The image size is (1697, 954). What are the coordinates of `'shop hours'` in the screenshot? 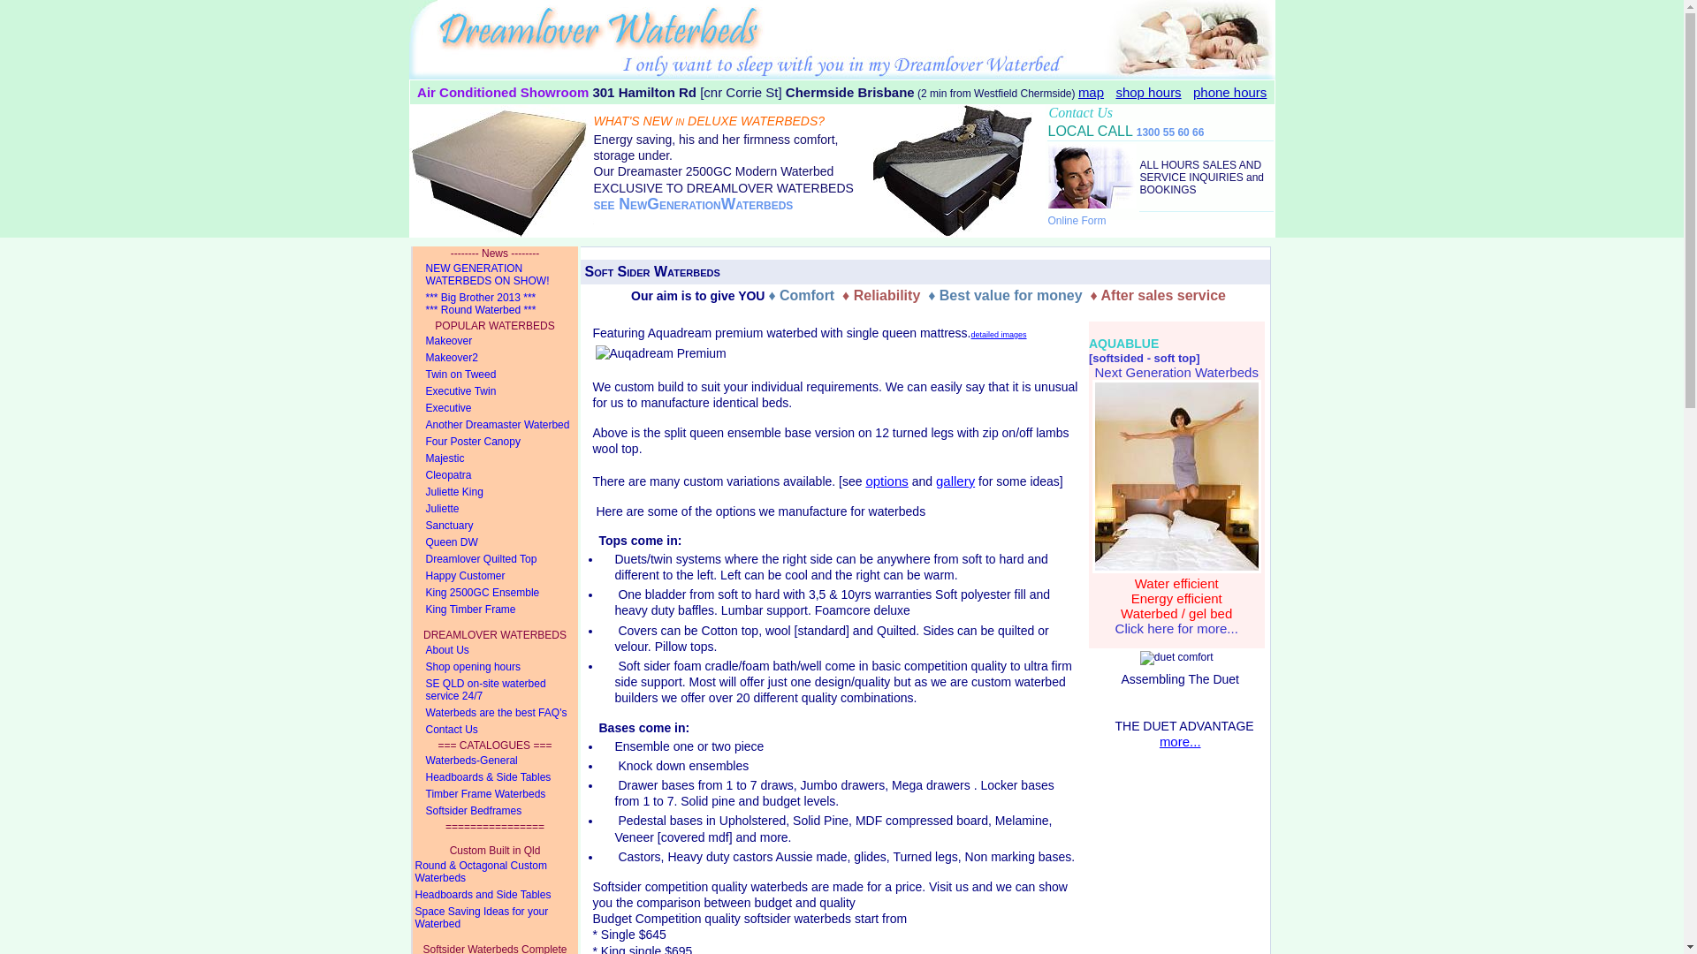 It's located at (1148, 93).